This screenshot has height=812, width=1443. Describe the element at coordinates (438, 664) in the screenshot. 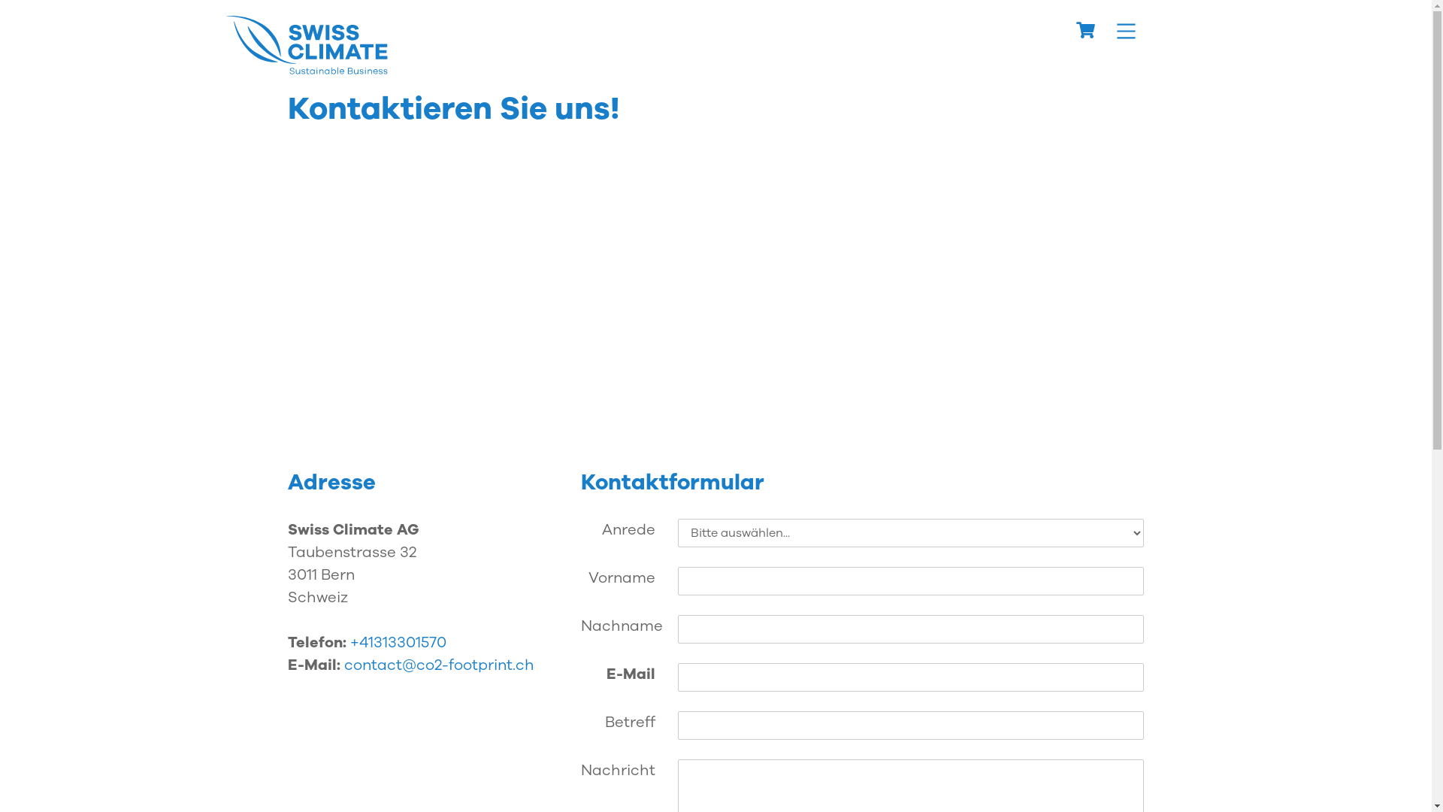

I see `'contact@co2-footprint.ch'` at that location.